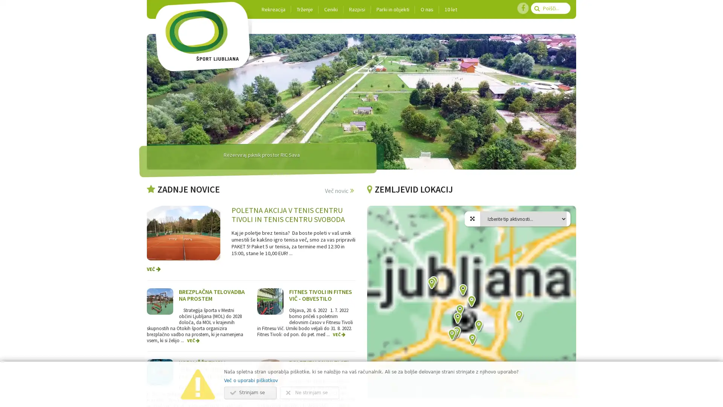  Describe the element at coordinates (436, 395) in the screenshot. I see `Bliznjicne tipke` at that location.